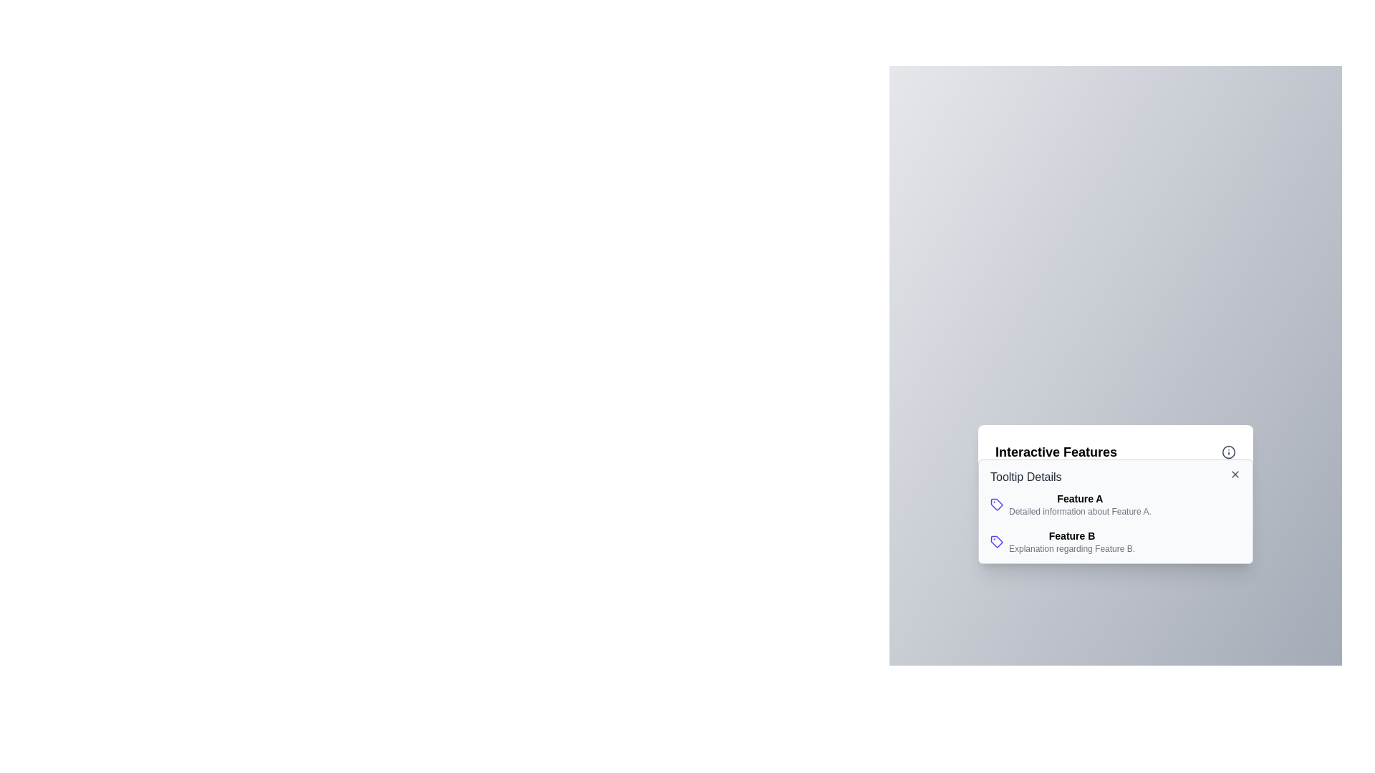 The image size is (1375, 773). Describe the element at coordinates (996, 541) in the screenshot. I see `the SVG graphical element representing 'Feature A' in the 'Tooltip Details' section of the 'Interactive Features' panel` at that location.